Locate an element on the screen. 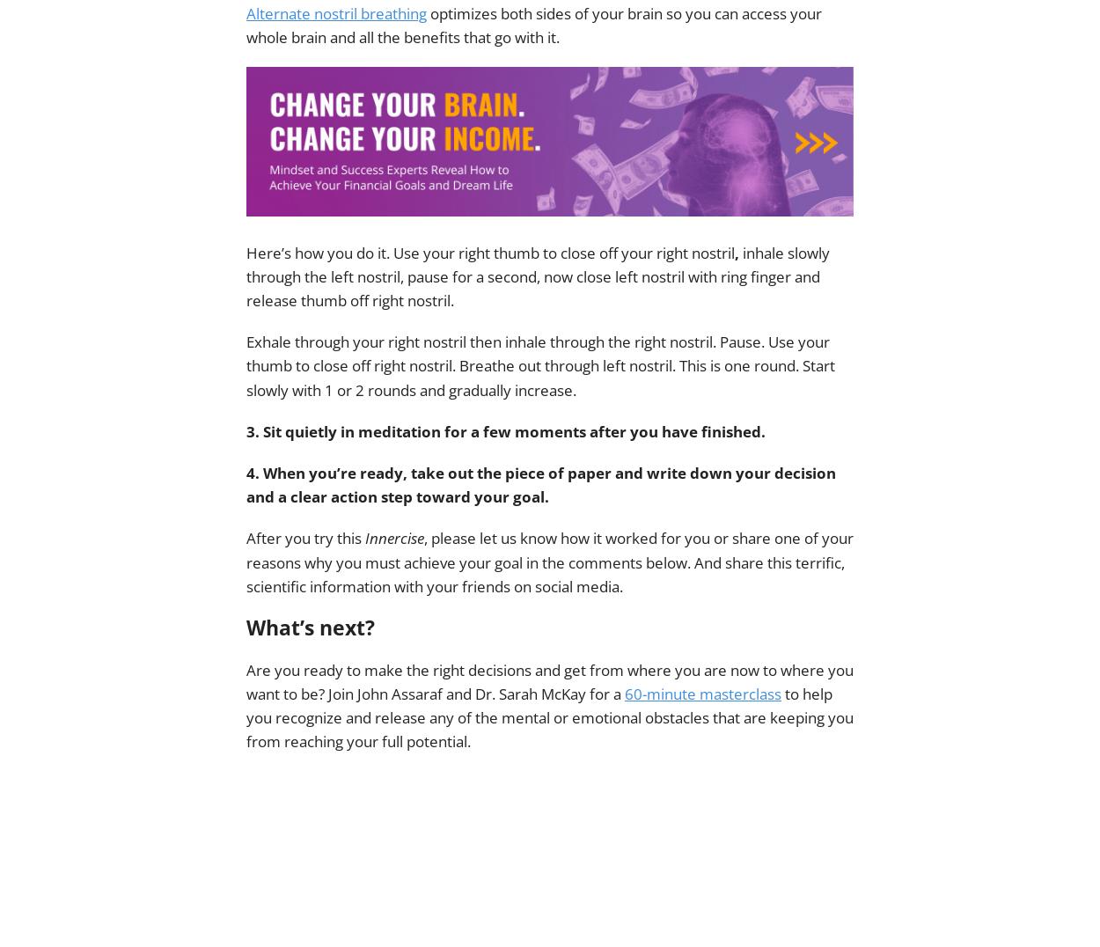 This screenshot has height=947, width=1100. ',' is located at coordinates (737, 251).